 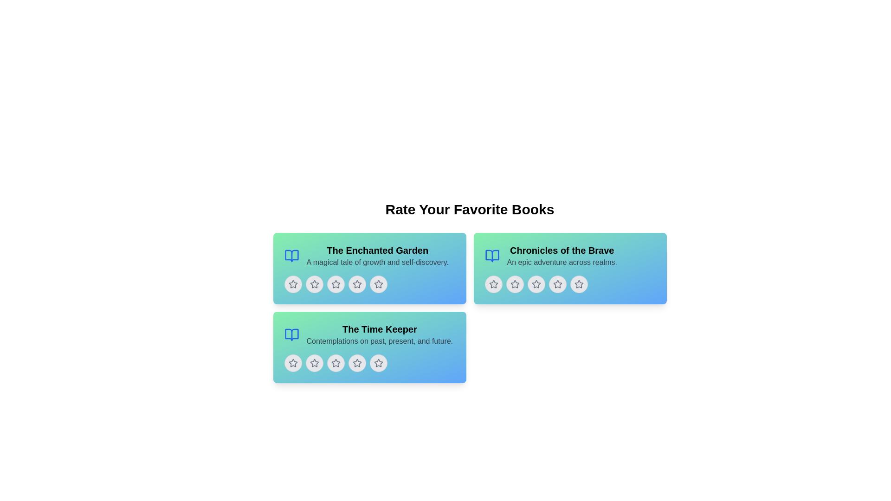 I want to click on the second star icon used to rate 'The Enchanted Garden', so click(x=335, y=283).